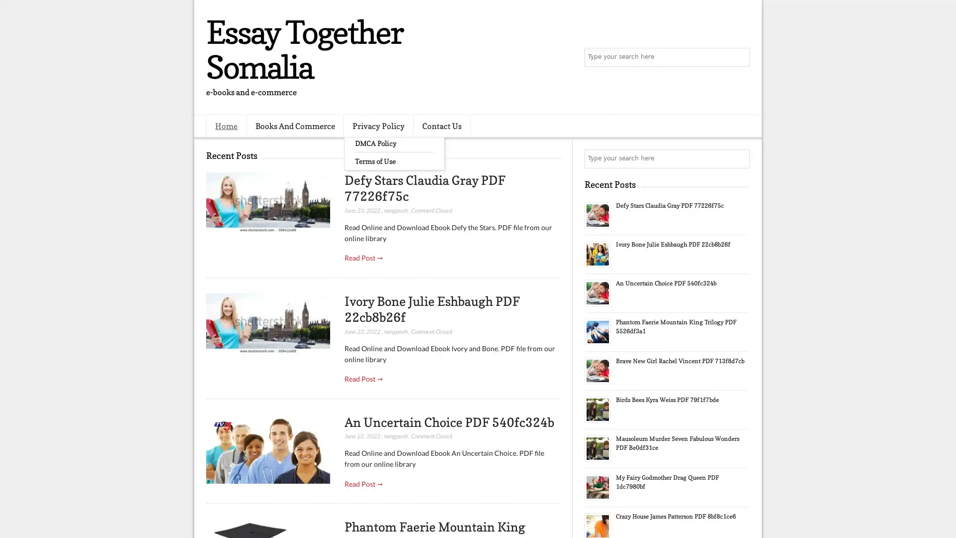 The height and width of the screenshot is (538, 956). What do you see at coordinates (739, 158) in the screenshot?
I see `Search` at bounding box center [739, 158].